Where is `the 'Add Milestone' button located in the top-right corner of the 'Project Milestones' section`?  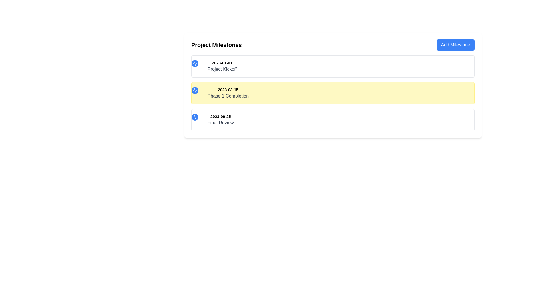 the 'Add Milestone' button located in the top-right corner of the 'Project Milestones' section is located at coordinates (455, 45).